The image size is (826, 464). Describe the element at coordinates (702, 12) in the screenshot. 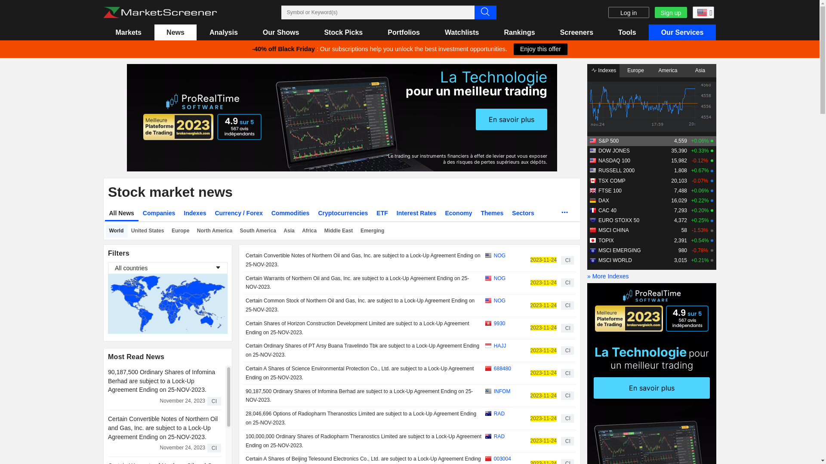

I see `'English (USA)'` at that location.